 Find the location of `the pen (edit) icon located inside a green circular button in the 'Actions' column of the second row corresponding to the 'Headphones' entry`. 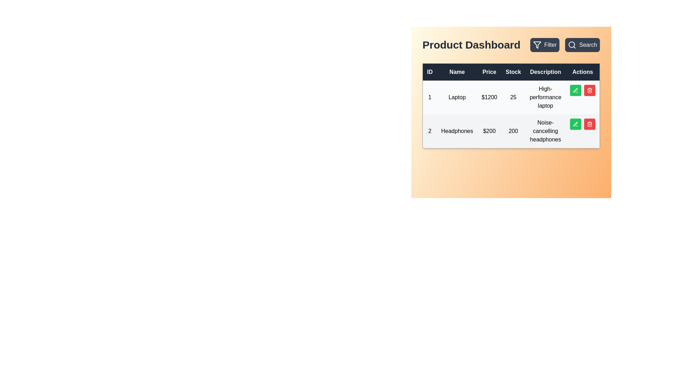

the pen (edit) icon located inside a green circular button in the 'Actions' column of the second row corresponding to the 'Headphones' entry is located at coordinates (575, 90).